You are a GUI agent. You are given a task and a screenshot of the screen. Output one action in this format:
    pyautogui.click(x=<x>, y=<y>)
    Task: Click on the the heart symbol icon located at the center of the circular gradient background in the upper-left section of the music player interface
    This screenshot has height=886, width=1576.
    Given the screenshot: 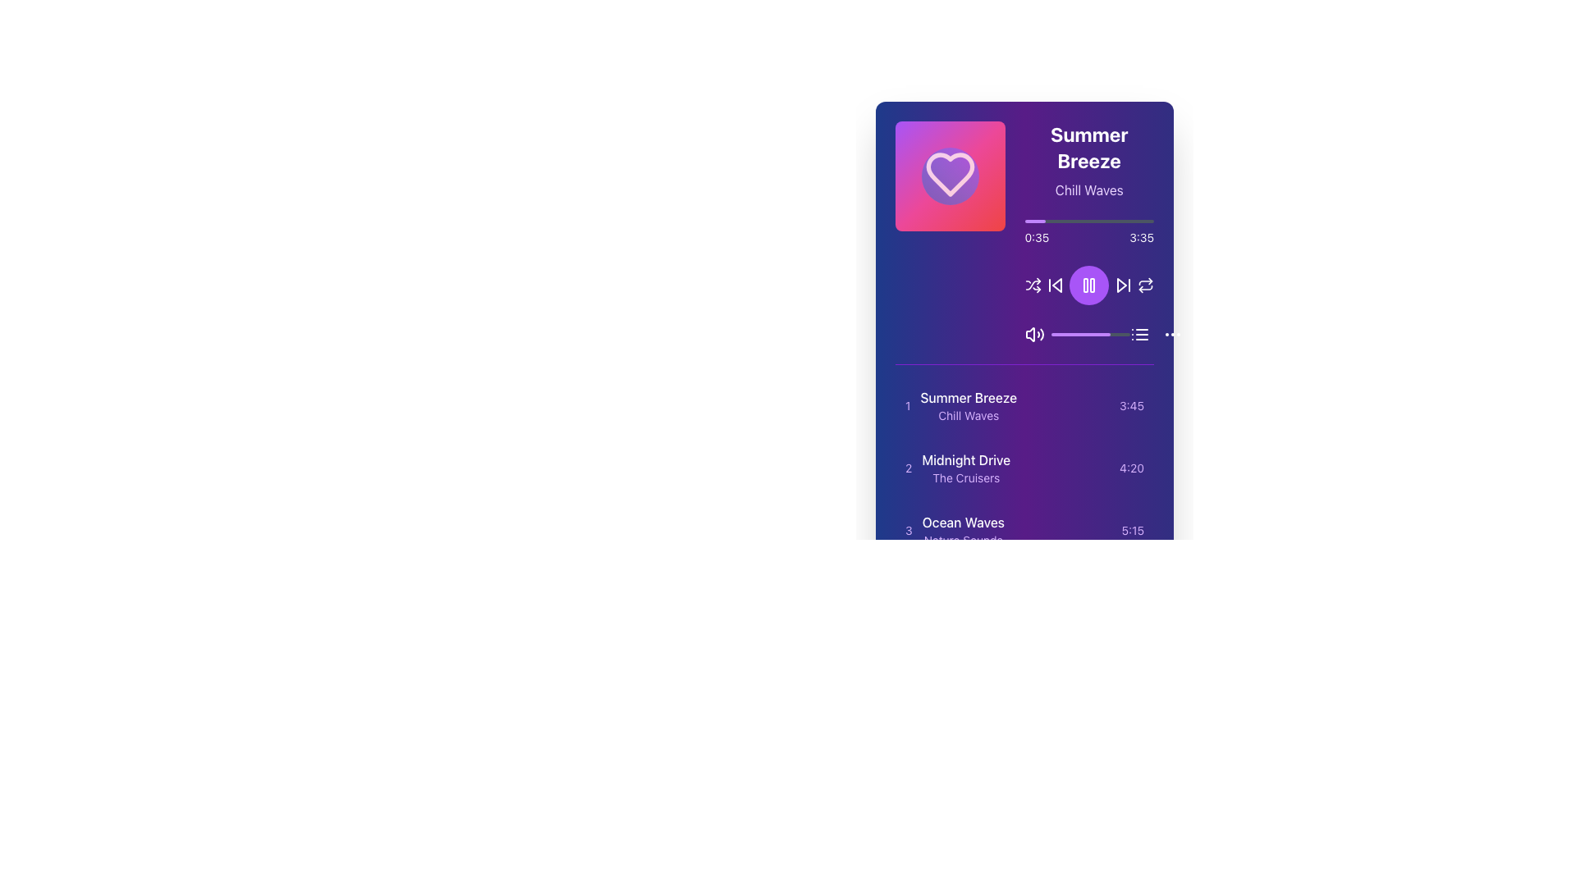 What is the action you would take?
    pyautogui.click(x=950, y=174)
    